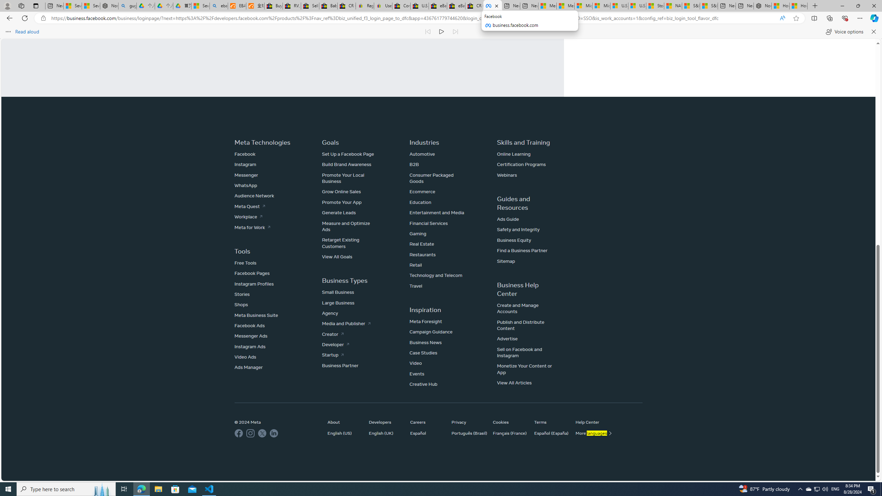  I want to click on 'Generate Leads', so click(339, 212).